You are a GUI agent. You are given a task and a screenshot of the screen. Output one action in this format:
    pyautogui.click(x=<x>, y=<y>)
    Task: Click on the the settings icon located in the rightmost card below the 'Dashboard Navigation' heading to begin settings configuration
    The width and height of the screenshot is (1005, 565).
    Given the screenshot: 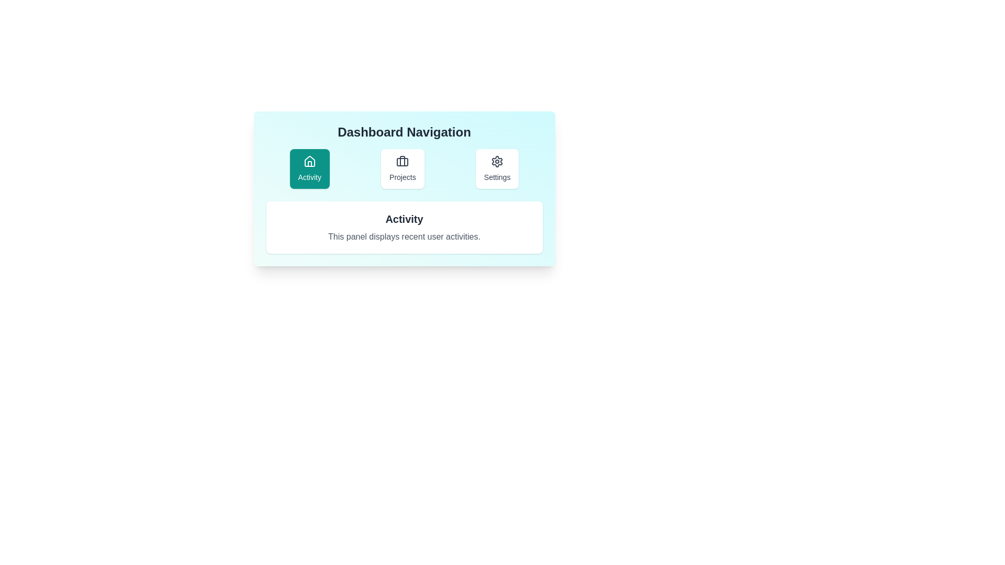 What is the action you would take?
    pyautogui.click(x=497, y=161)
    